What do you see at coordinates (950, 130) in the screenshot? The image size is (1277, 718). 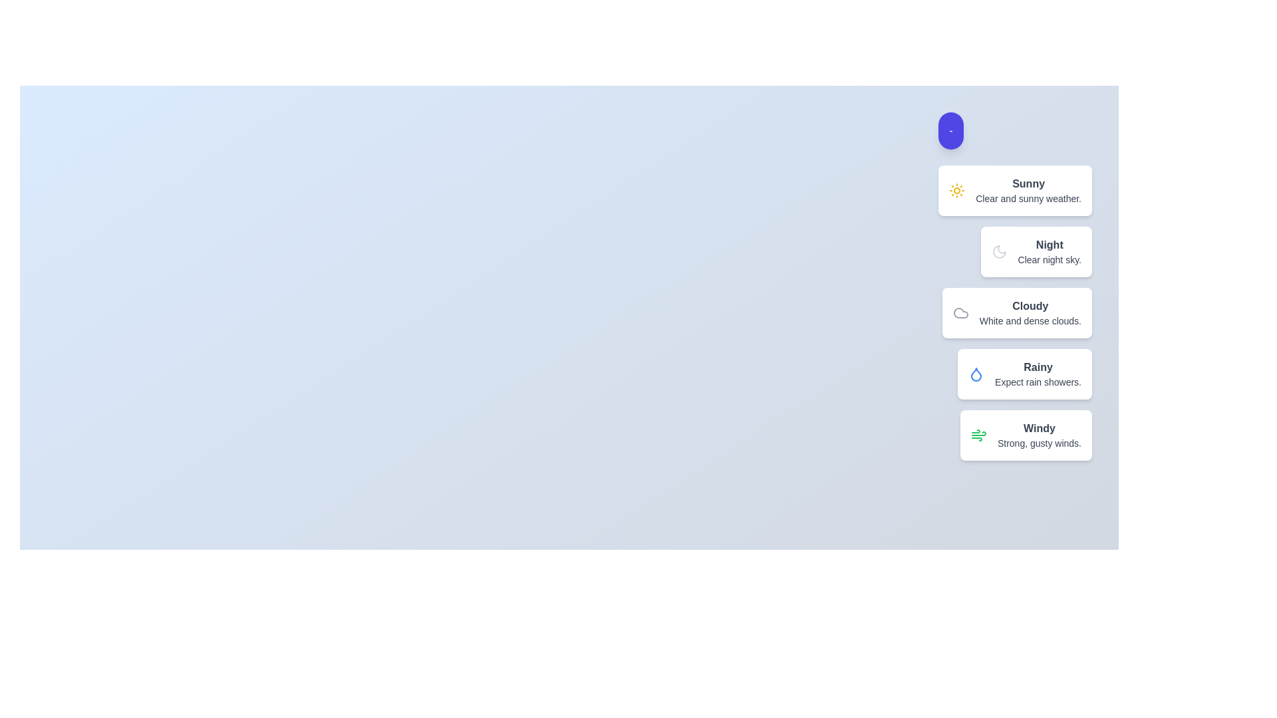 I see `the action button to toggle the menu` at bounding box center [950, 130].